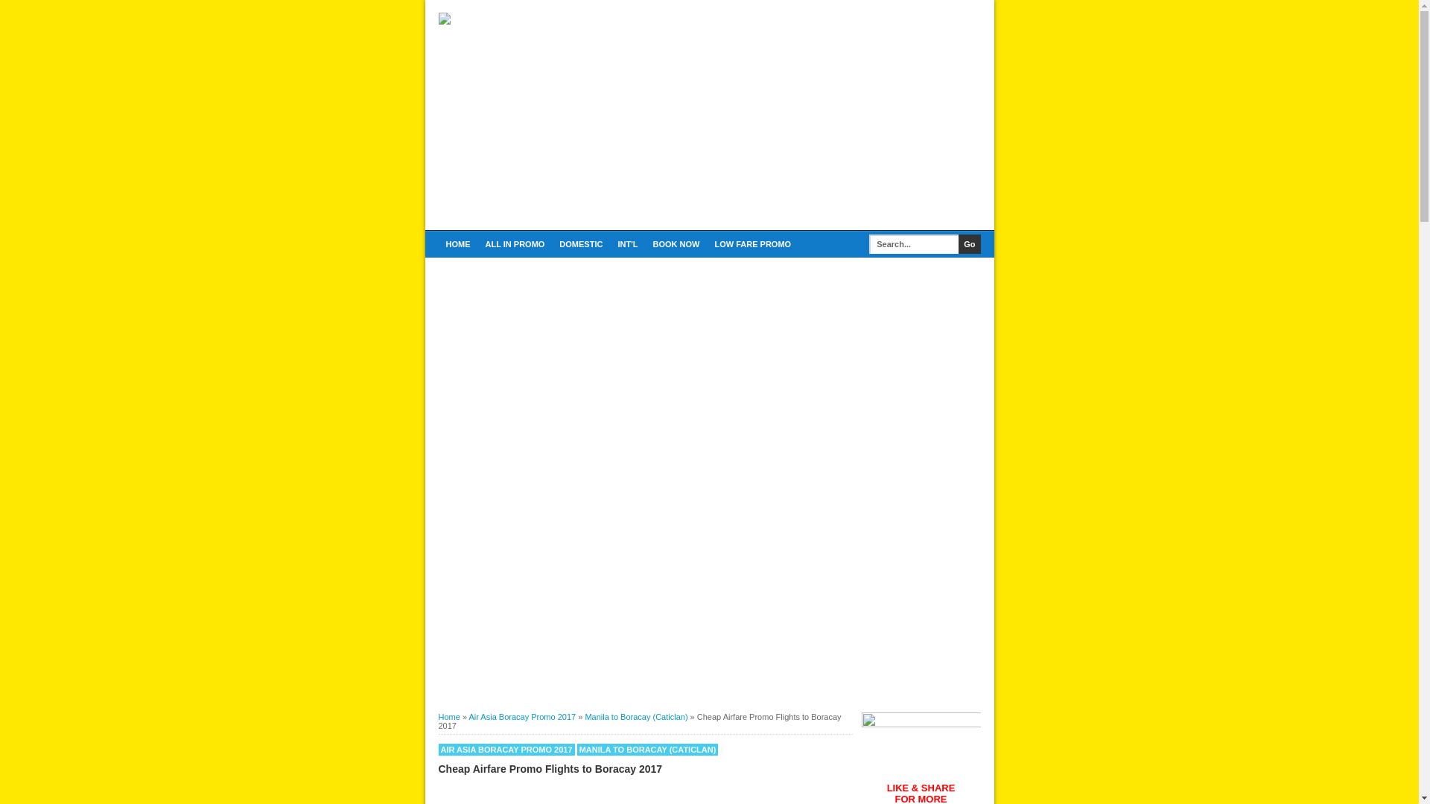 This screenshot has width=1430, height=804. I want to click on 'HOME', so click(437, 243).